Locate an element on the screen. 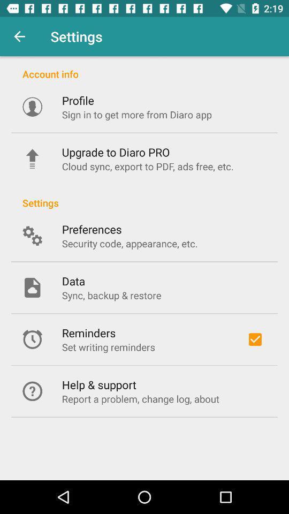 This screenshot has width=289, height=514. the account info item is located at coordinates (144, 67).